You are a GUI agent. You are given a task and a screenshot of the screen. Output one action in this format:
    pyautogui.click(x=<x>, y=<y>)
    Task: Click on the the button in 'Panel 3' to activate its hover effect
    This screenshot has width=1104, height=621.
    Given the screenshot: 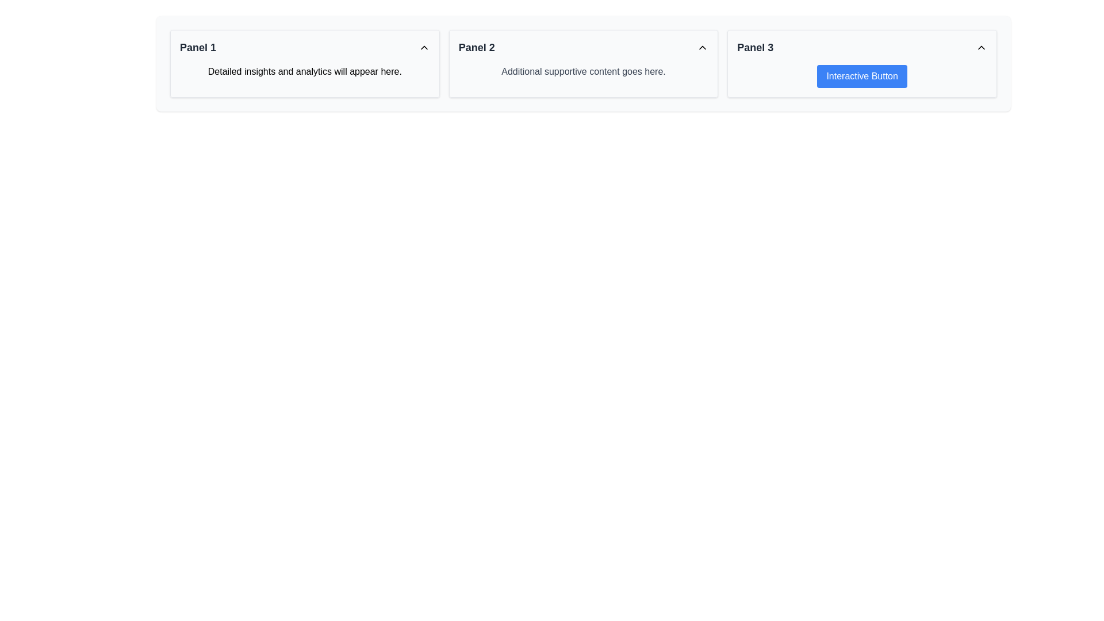 What is the action you would take?
    pyautogui.click(x=862, y=64)
    